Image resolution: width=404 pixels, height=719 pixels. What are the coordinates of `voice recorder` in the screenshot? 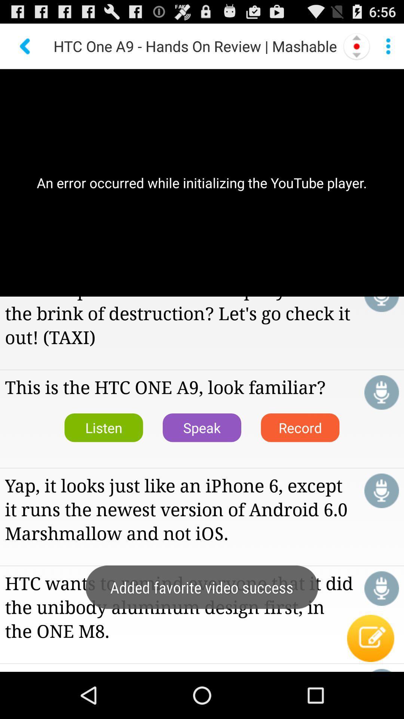 It's located at (382, 392).